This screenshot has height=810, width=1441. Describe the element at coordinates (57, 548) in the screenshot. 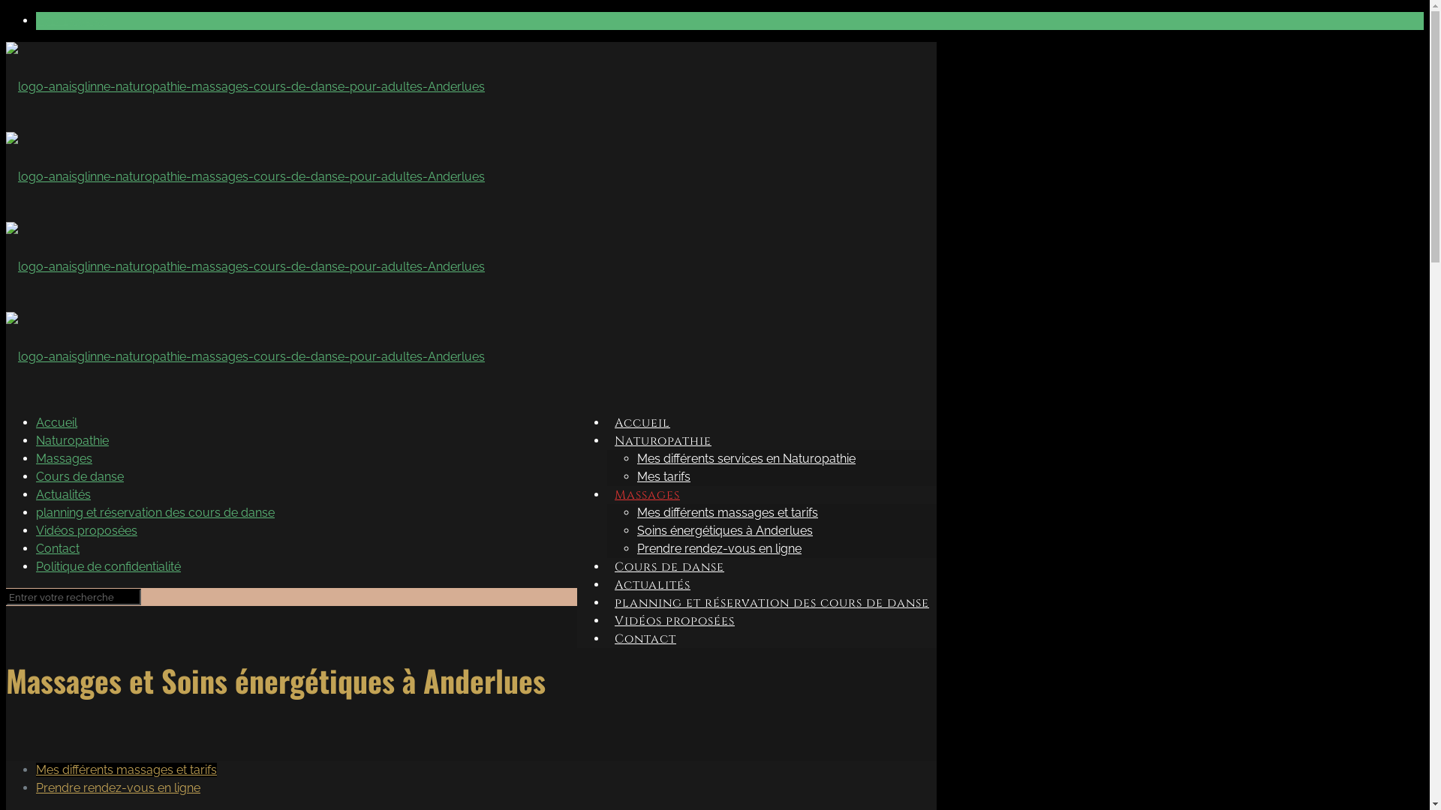

I see `'Contact'` at that location.